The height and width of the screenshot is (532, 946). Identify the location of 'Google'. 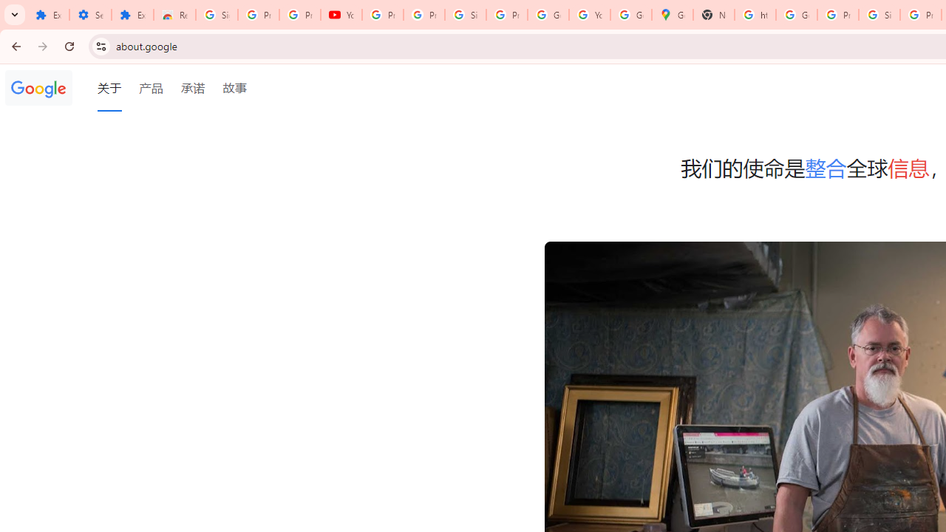
(38, 88).